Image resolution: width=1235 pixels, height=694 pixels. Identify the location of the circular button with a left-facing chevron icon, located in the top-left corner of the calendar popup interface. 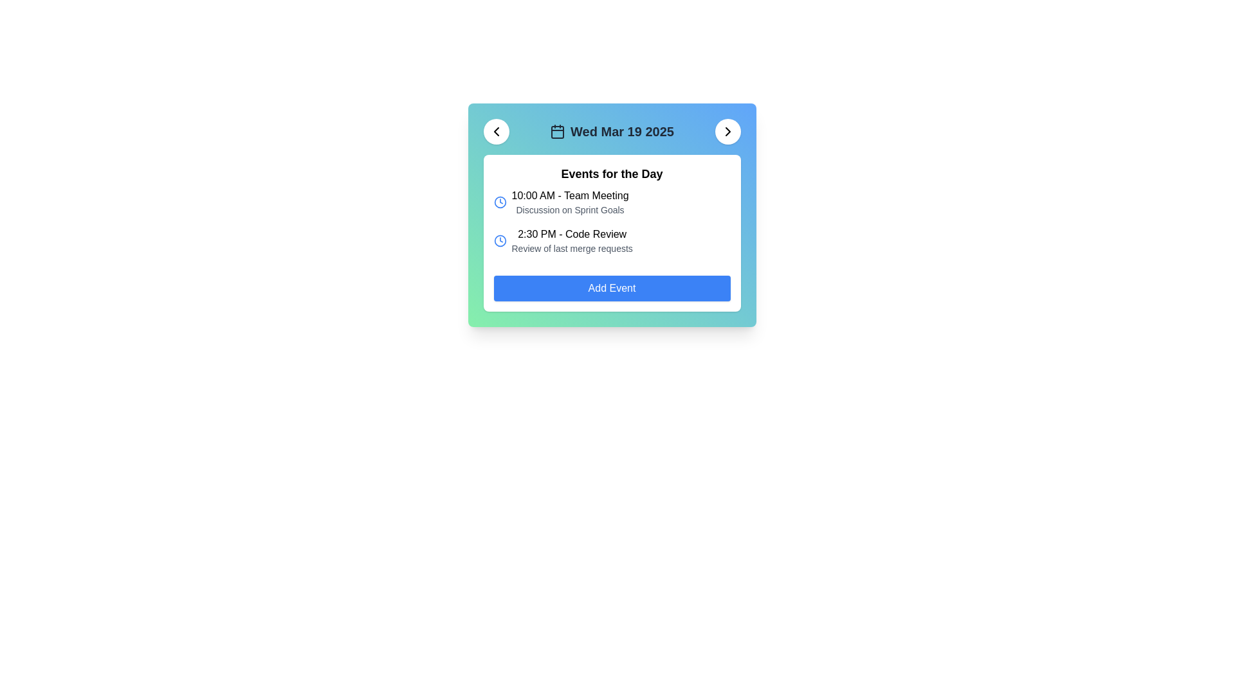
(495, 131).